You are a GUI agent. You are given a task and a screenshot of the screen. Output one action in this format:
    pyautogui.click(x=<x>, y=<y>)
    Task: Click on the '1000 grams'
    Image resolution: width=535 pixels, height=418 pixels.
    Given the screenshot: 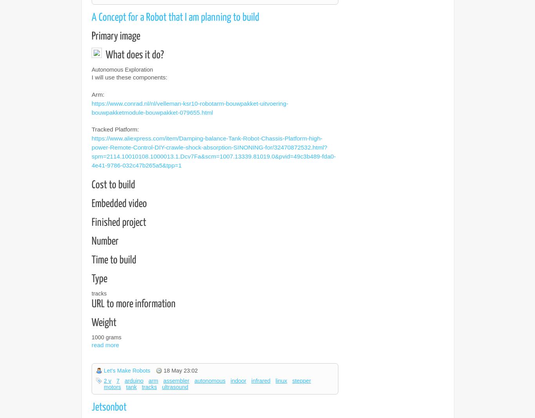 What is the action you would take?
    pyautogui.click(x=91, y=337)
    